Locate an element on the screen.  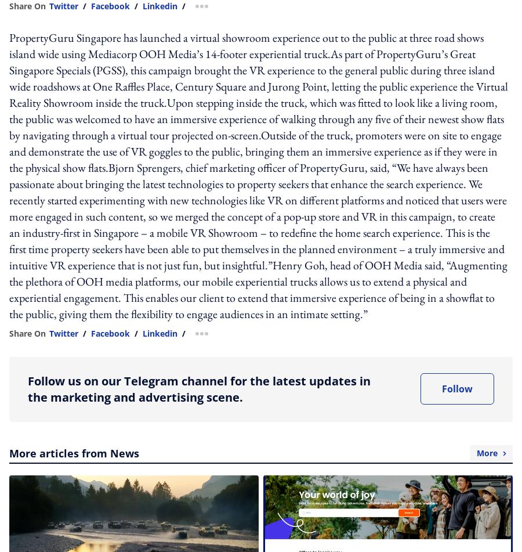
'marketing excellence awards' is located at coordinates (244, 93).